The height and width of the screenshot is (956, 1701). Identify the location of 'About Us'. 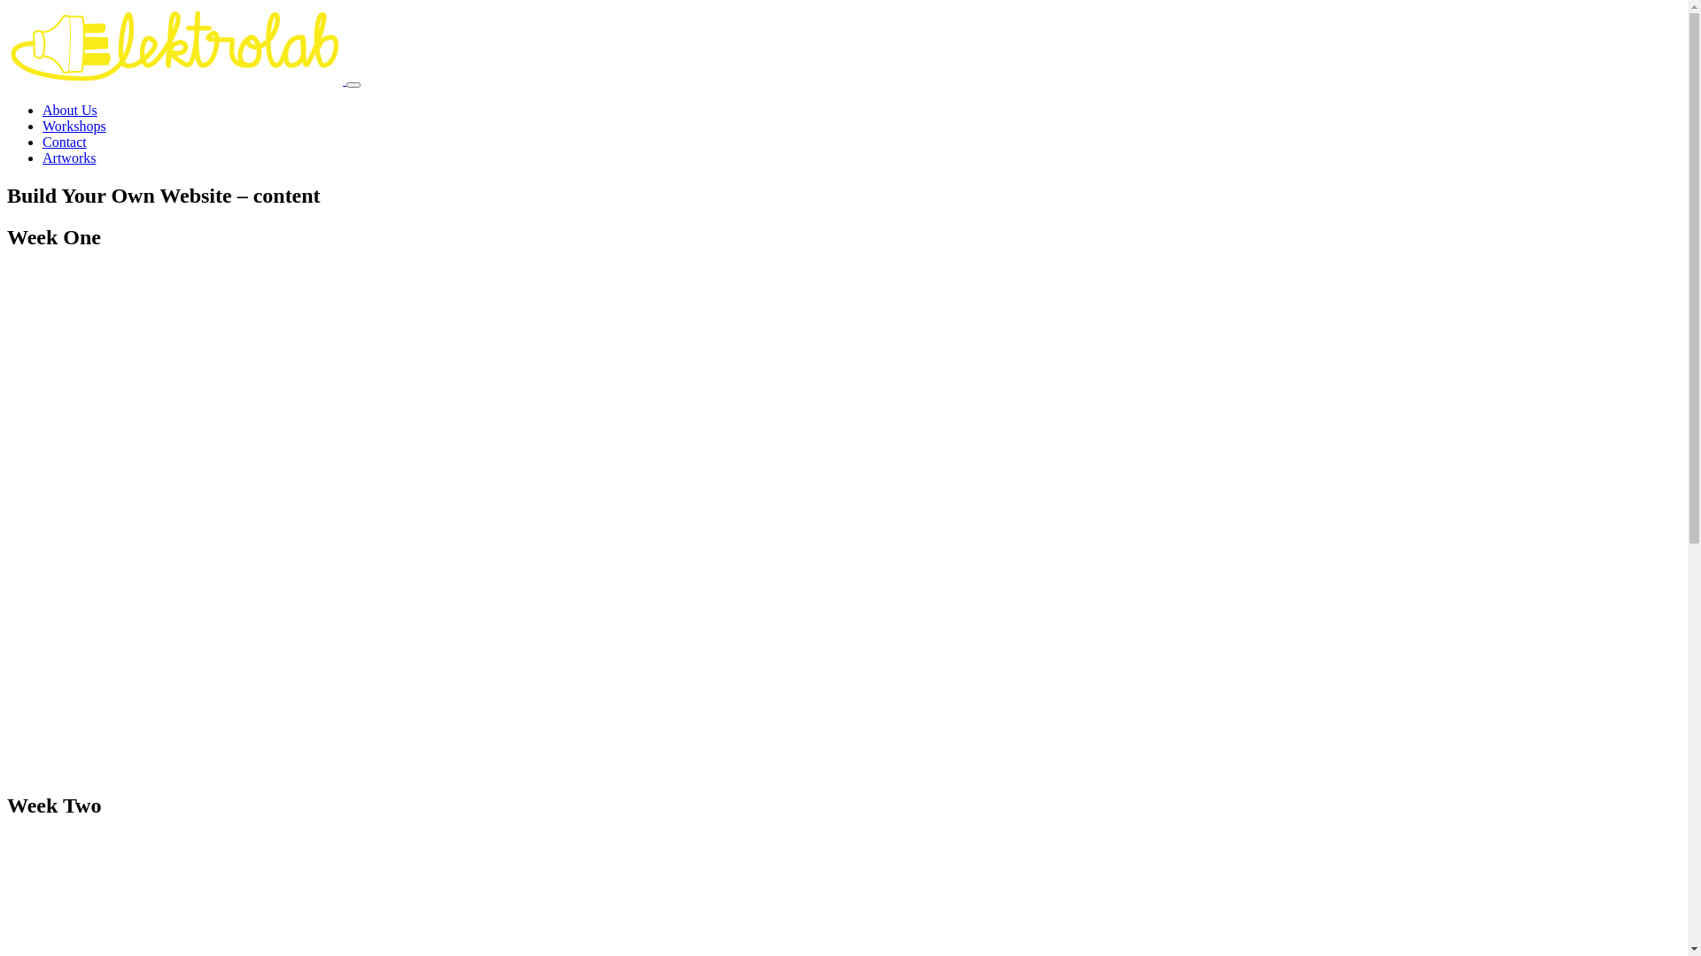
(69, 110).